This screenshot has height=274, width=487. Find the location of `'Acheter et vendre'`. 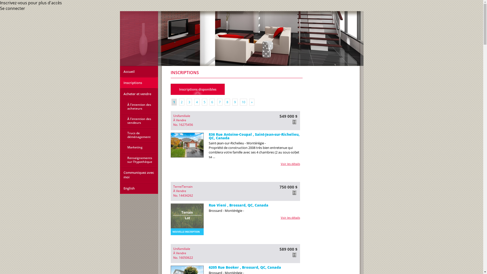

'Acheter et vendre' is located at coordinates (139, 94).